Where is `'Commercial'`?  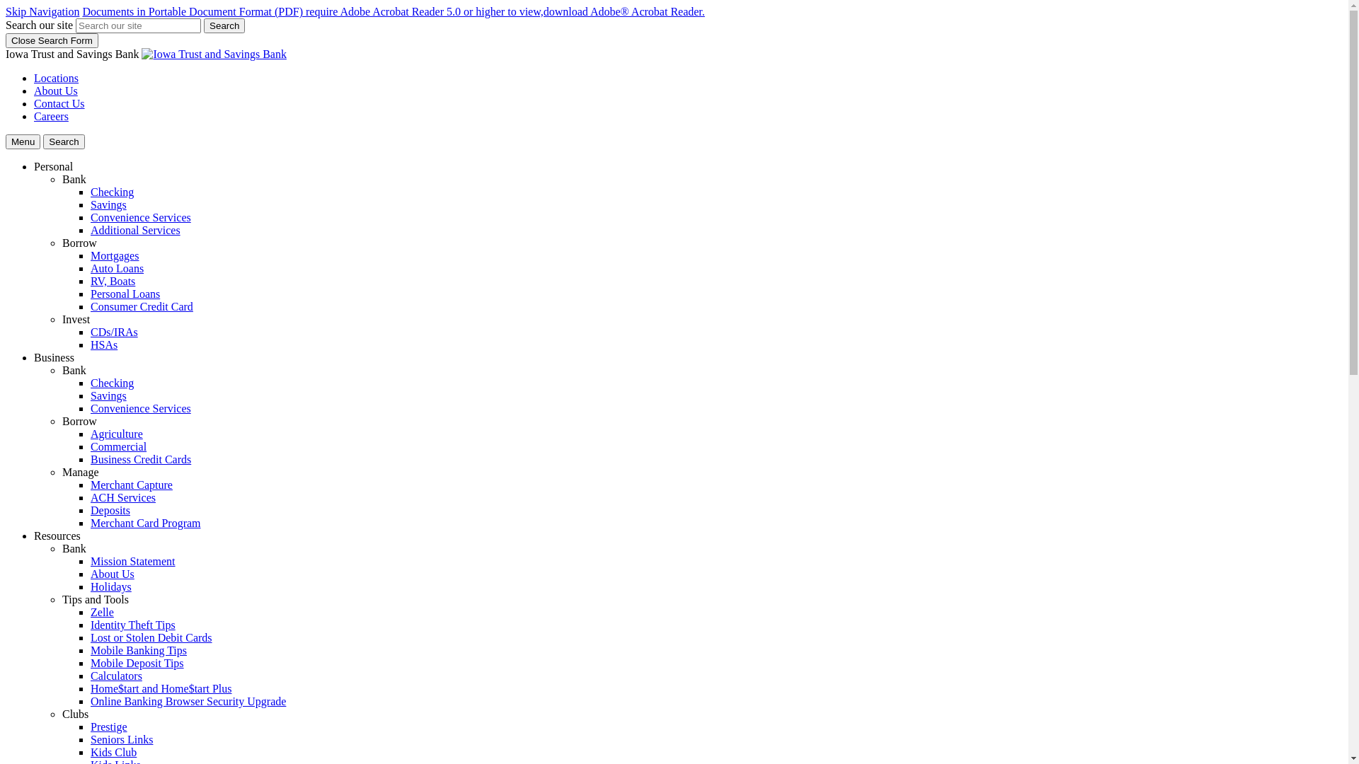 'Commercial' is located at coordinates (90, 446).